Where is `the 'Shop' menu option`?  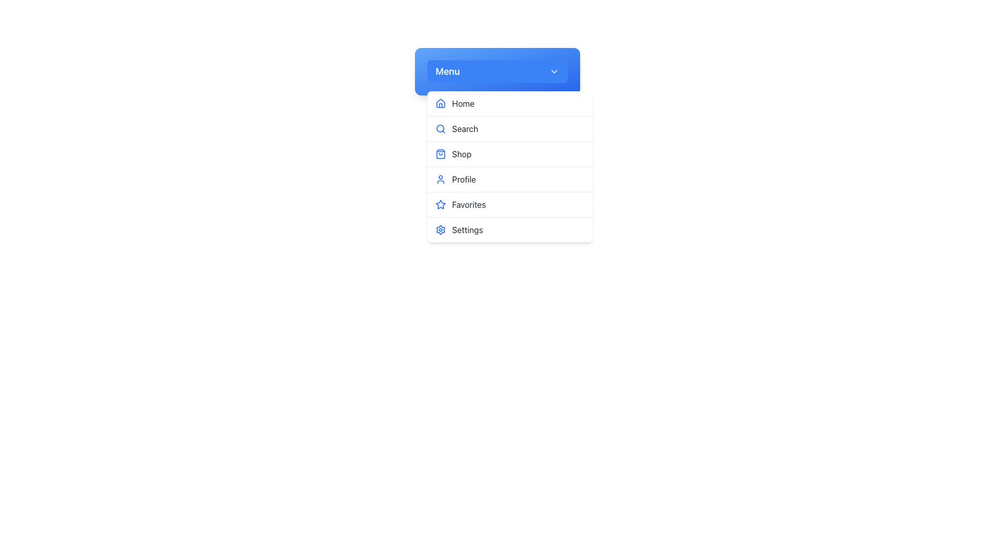 the 'Shop' menu option is located at coordinates (461, 154).